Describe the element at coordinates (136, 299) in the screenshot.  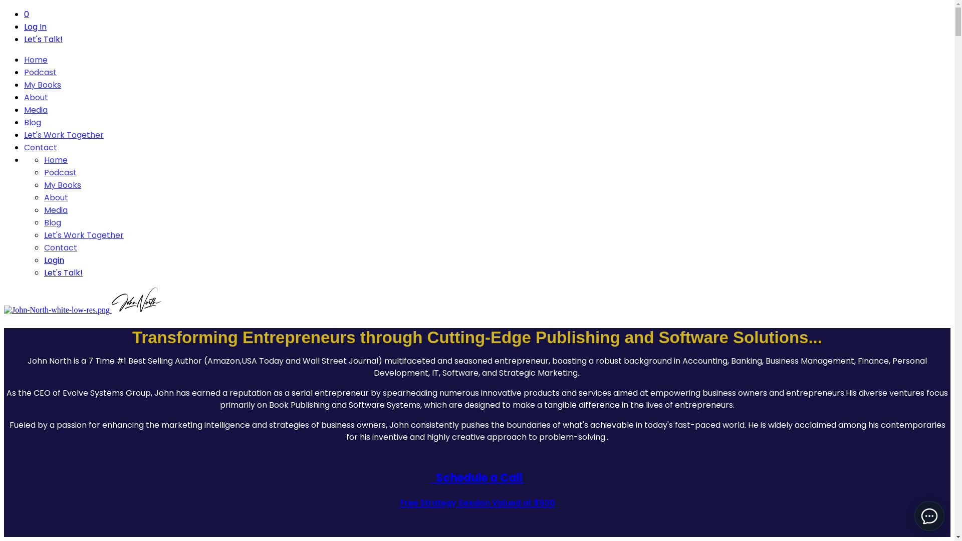
I see `'JOHN-logo-light.png'` at that location.